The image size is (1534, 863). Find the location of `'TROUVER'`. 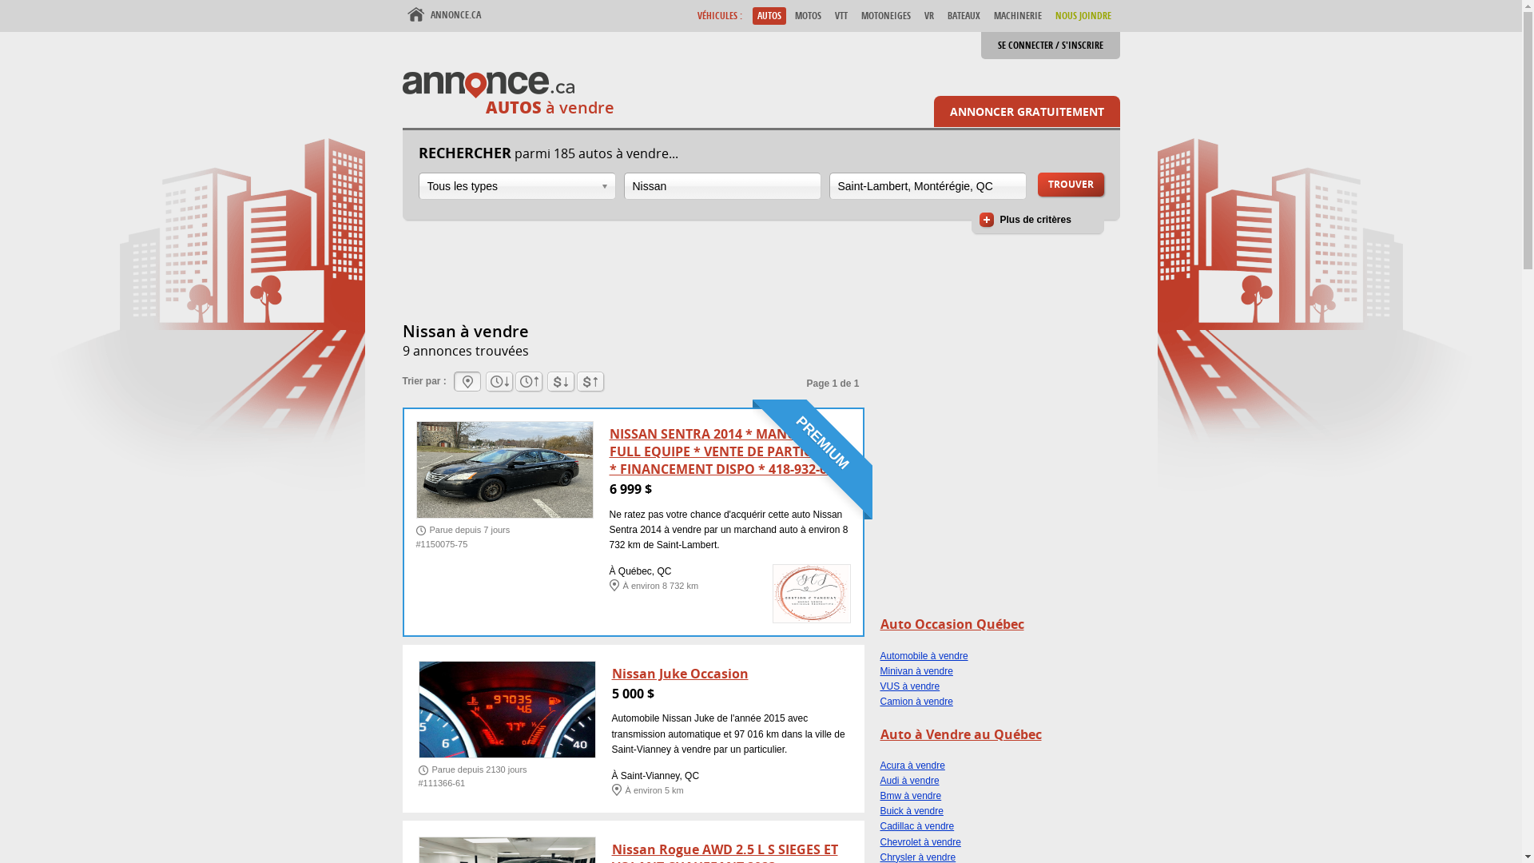

'TROUVER' is located at coordinates (1070, 184).